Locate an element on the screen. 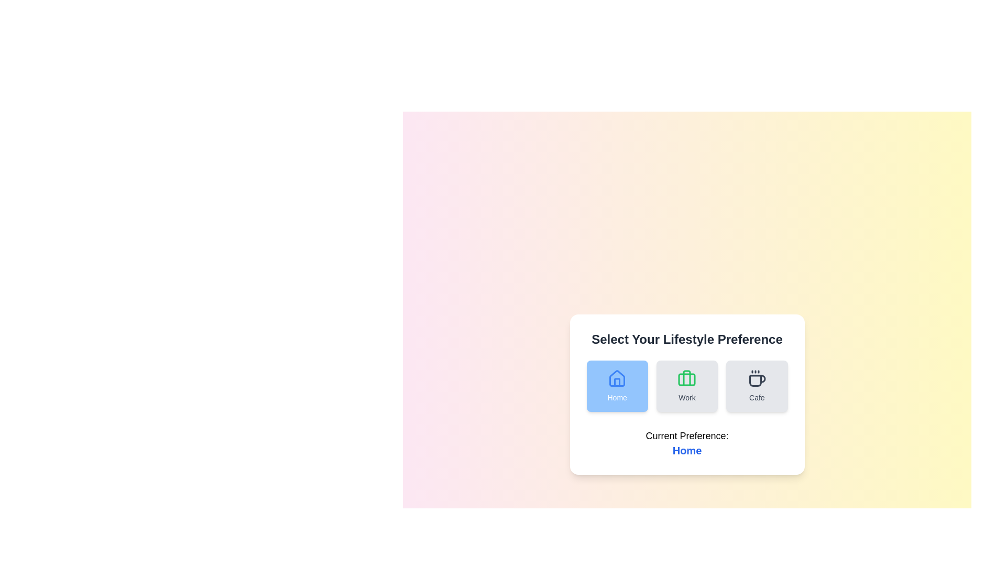  the house icon which is part of the button for selecting the 'Home' lifestyle preference, located centrally in the lower section of the interface is located at coordinates (617, 378).